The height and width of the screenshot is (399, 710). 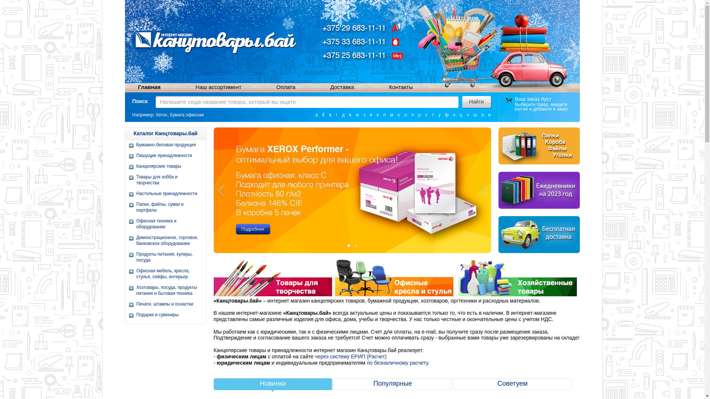 What do you see at coordinates (355, 245) in the screenshot?
I see `'2'` at bounding box center [355, 245].